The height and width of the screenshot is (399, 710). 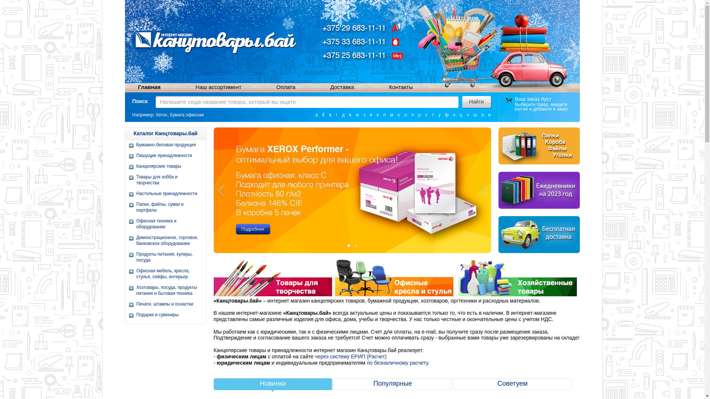 What do you see at coordinates (355, 245) in the screenshot?
I see `'2'` at bounding box center [355, 245].